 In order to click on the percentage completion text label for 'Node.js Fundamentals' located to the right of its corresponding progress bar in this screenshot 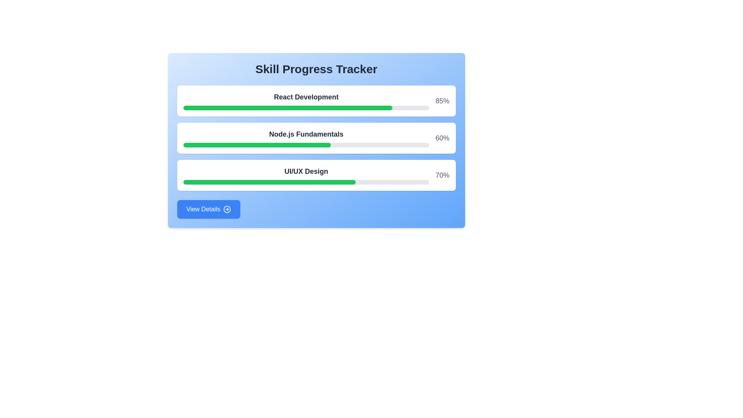, I will do `click(442, 138)`.